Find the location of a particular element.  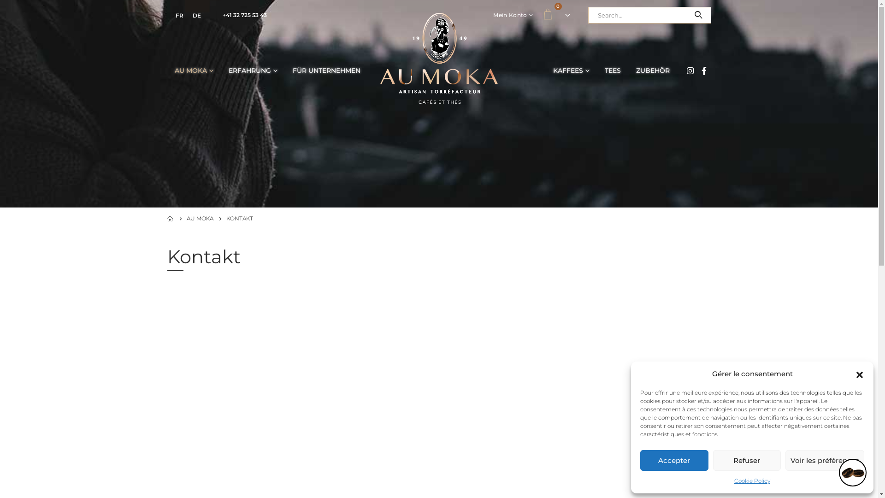

'Refuser' is located at coordinates (747, 460).